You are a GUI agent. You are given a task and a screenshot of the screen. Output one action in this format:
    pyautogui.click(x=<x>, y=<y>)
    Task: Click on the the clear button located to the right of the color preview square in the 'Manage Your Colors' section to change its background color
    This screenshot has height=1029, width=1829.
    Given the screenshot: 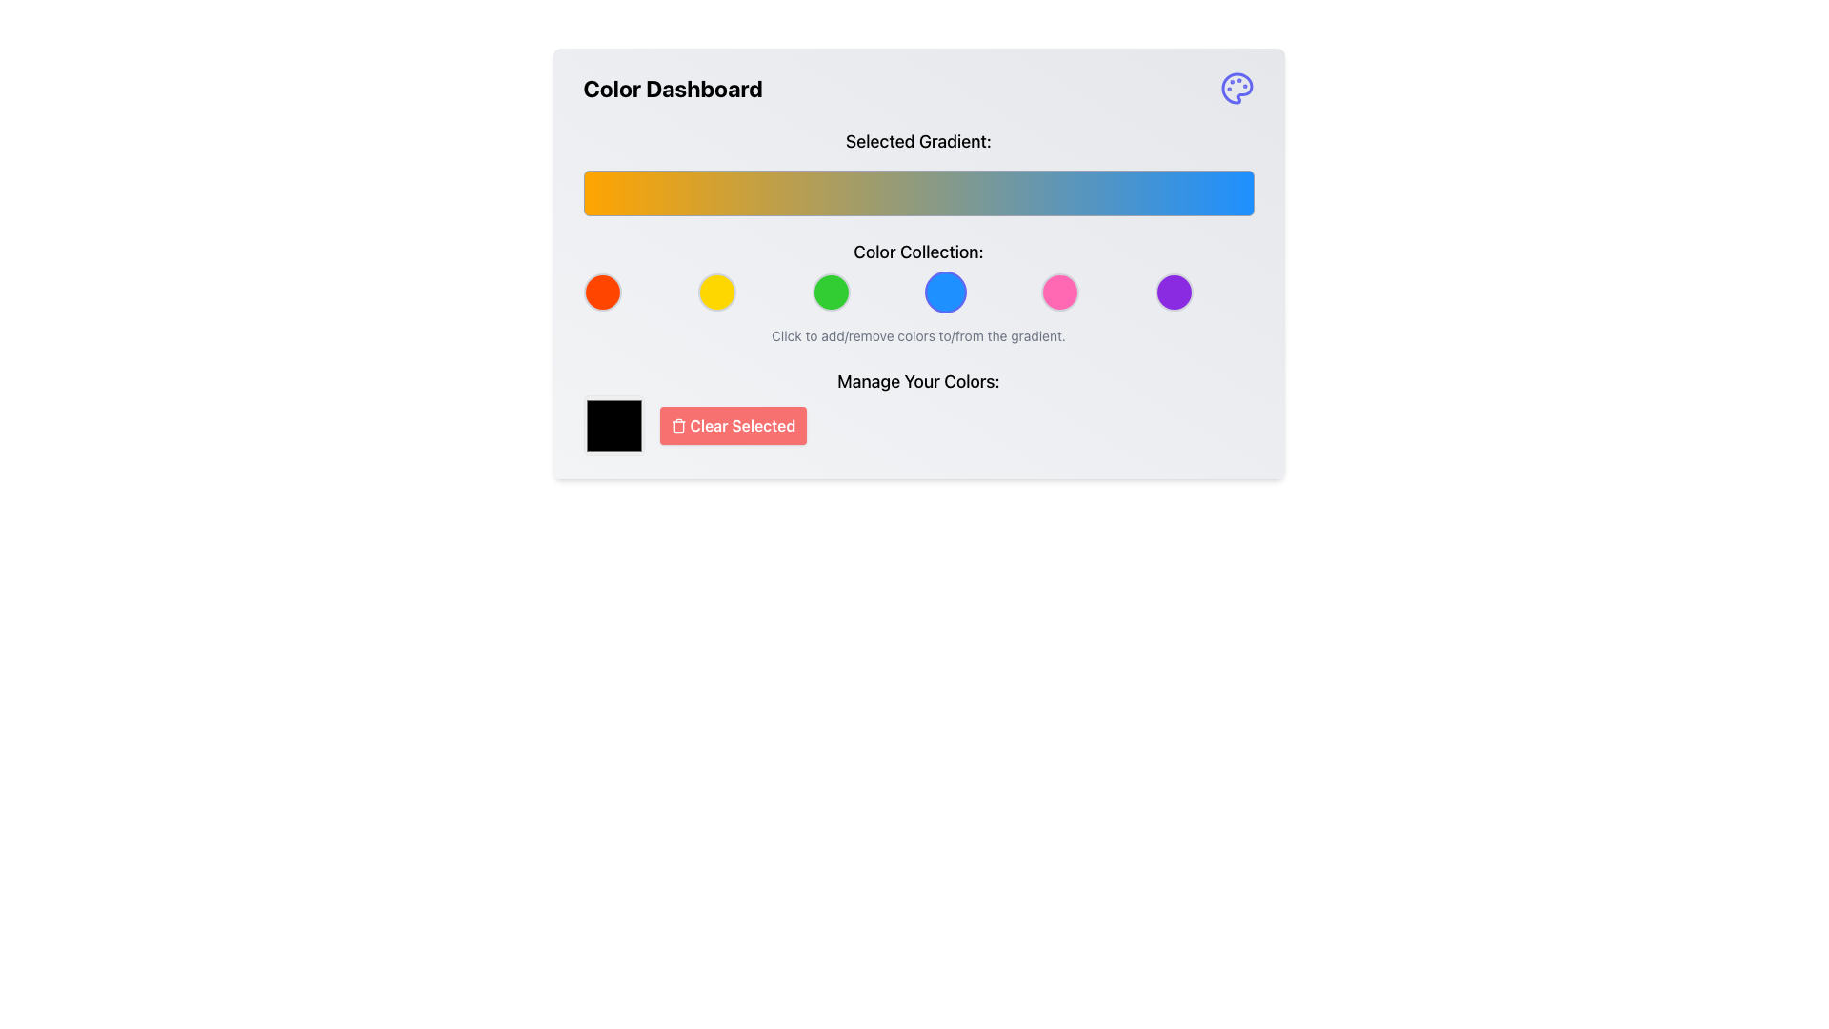 What is the action you would take?
    pyautogui.click(x=732, y=425)
    